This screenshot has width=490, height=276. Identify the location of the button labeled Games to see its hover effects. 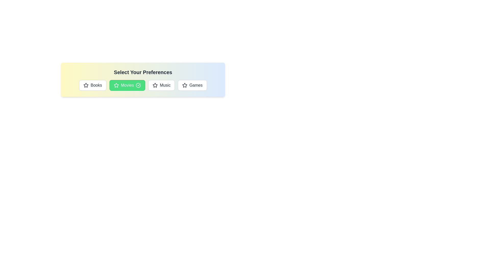
(192, 85).